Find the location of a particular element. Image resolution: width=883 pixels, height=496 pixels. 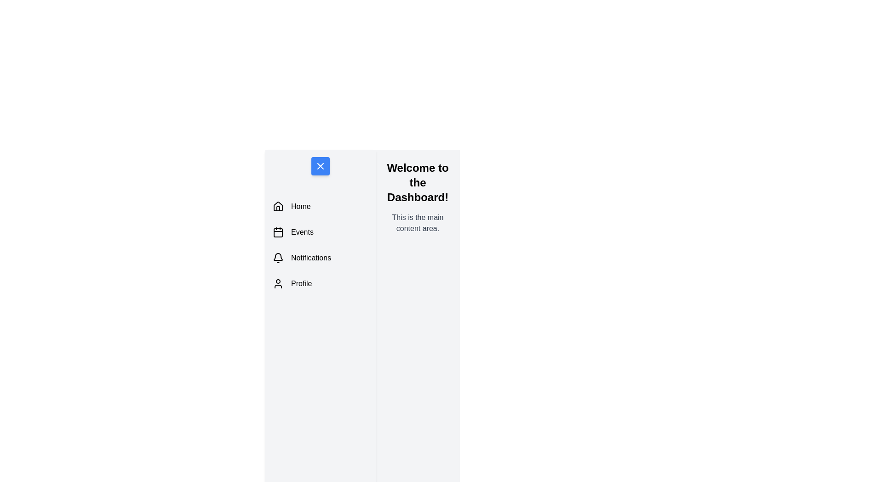

the 'Events' text label in the vertical navigation menu is located at coordinates (302, 231).